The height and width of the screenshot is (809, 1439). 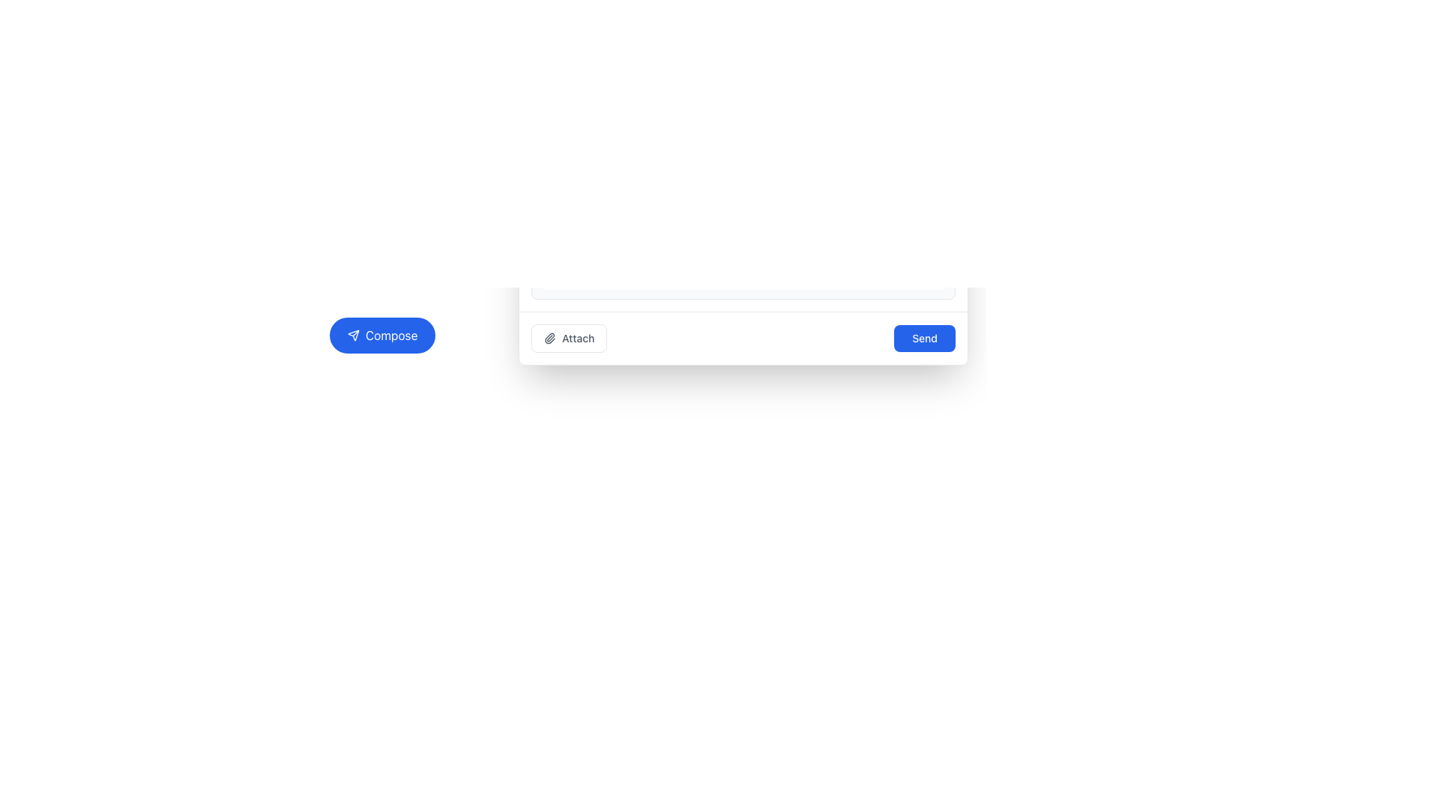 What do you see at coordinates (549, 338) in the screenshot?
I see `the paperclip icon within the 'Attach' button` at bounding box center [549, 338].